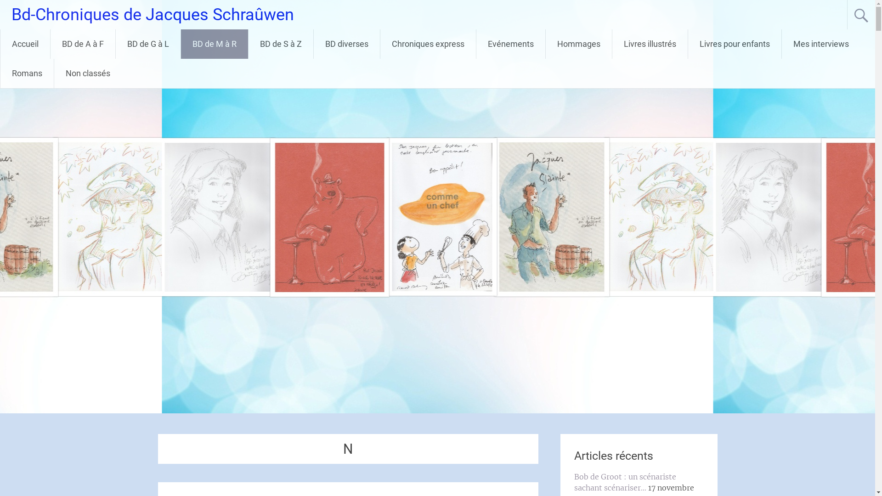 The image size is (882, 496). I want to click on 'Livres pour enfants', so click(734, 44).